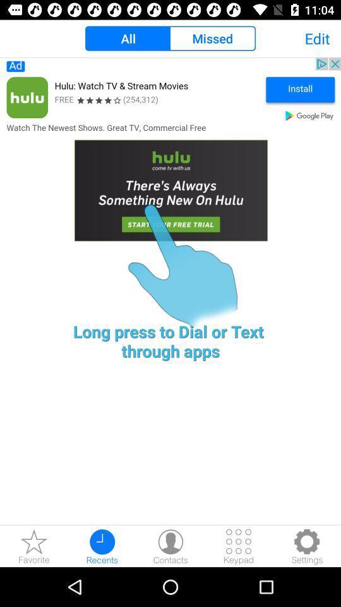 This screenshot has height=607, width=341. I want to click on the dialpad icon, so click(239, 546).